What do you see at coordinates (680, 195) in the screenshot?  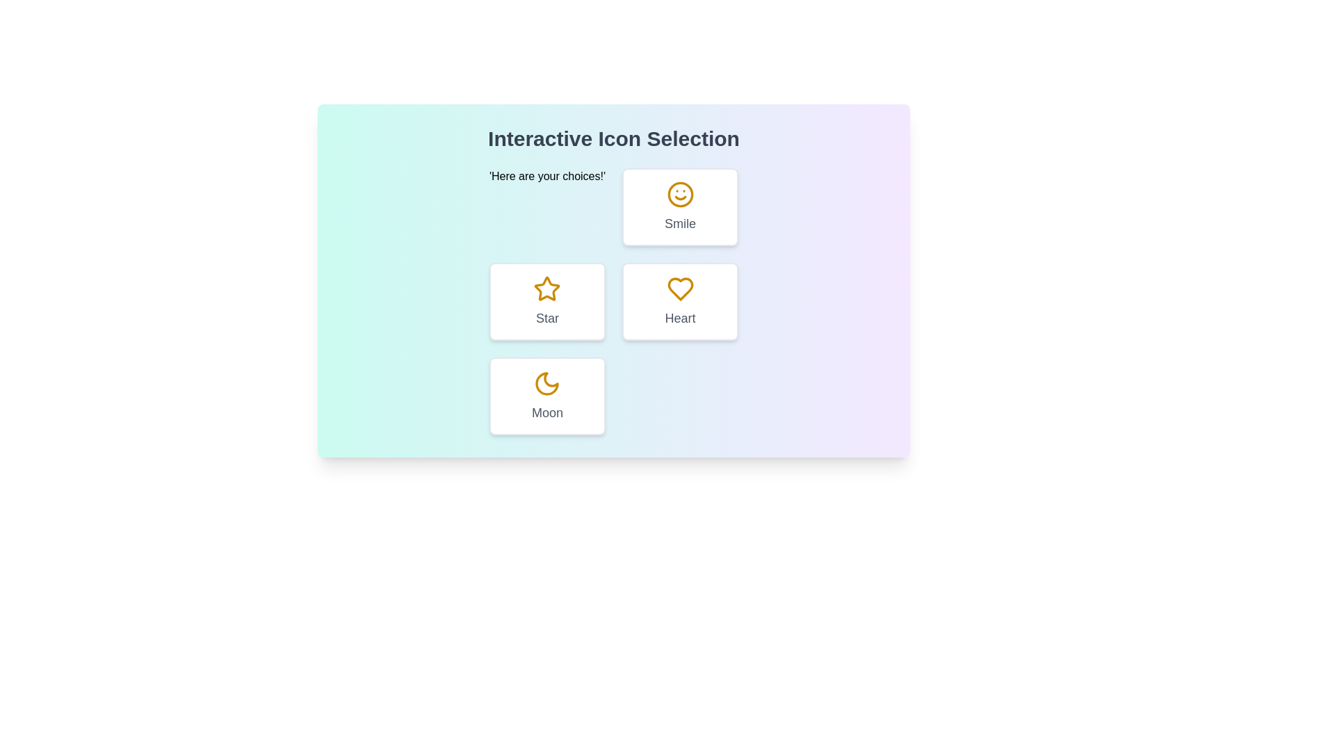 I see `the decorative circle element that serves as the base for the smiley face icon in the SVG component, located in the top-right of the icon grid layout` at bounding box center [680, 195].